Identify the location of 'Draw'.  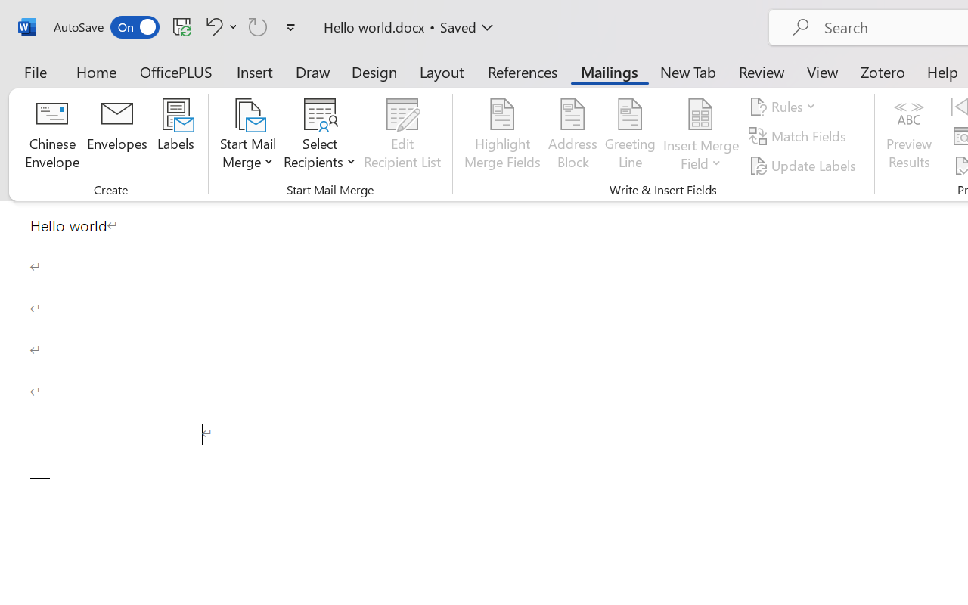
(312, 71).